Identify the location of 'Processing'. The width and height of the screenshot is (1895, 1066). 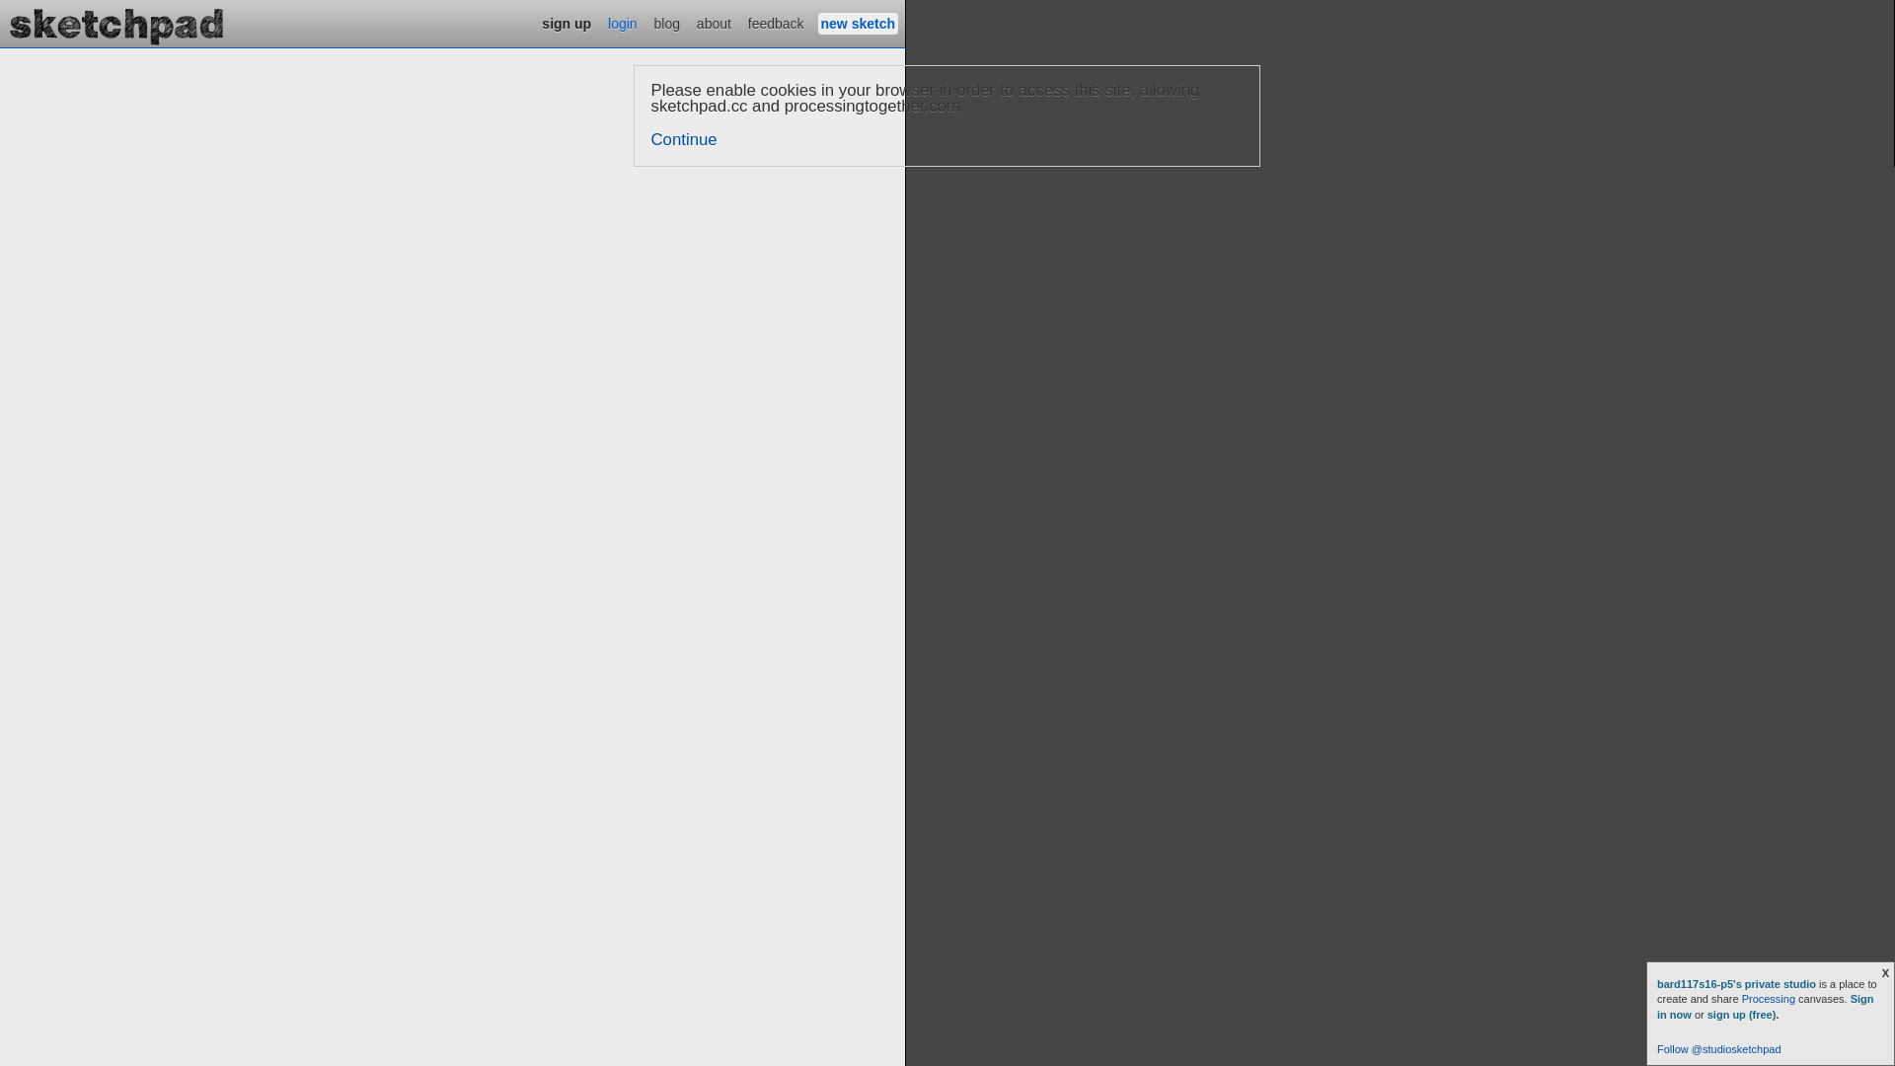
(1768, 998).